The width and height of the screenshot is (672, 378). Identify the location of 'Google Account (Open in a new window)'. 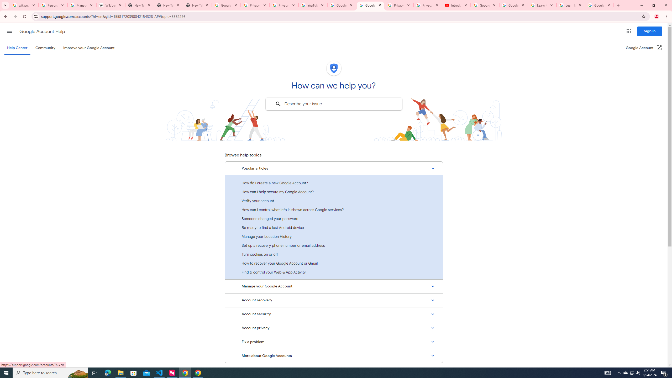
(644, 48).